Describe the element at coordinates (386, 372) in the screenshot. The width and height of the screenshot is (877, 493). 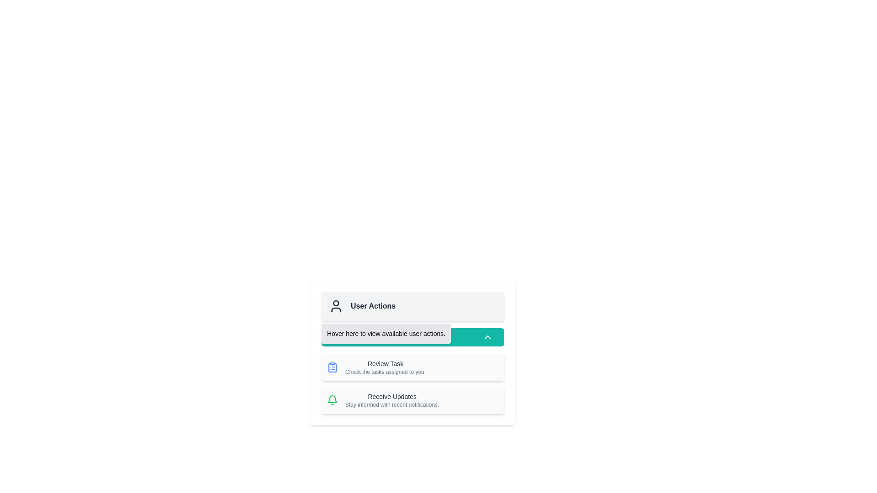
I see `the text label that reads 'Check the tasks assigned to you.' which is styled in a small, light gray font and located below the 'Review Task' title` at that location.